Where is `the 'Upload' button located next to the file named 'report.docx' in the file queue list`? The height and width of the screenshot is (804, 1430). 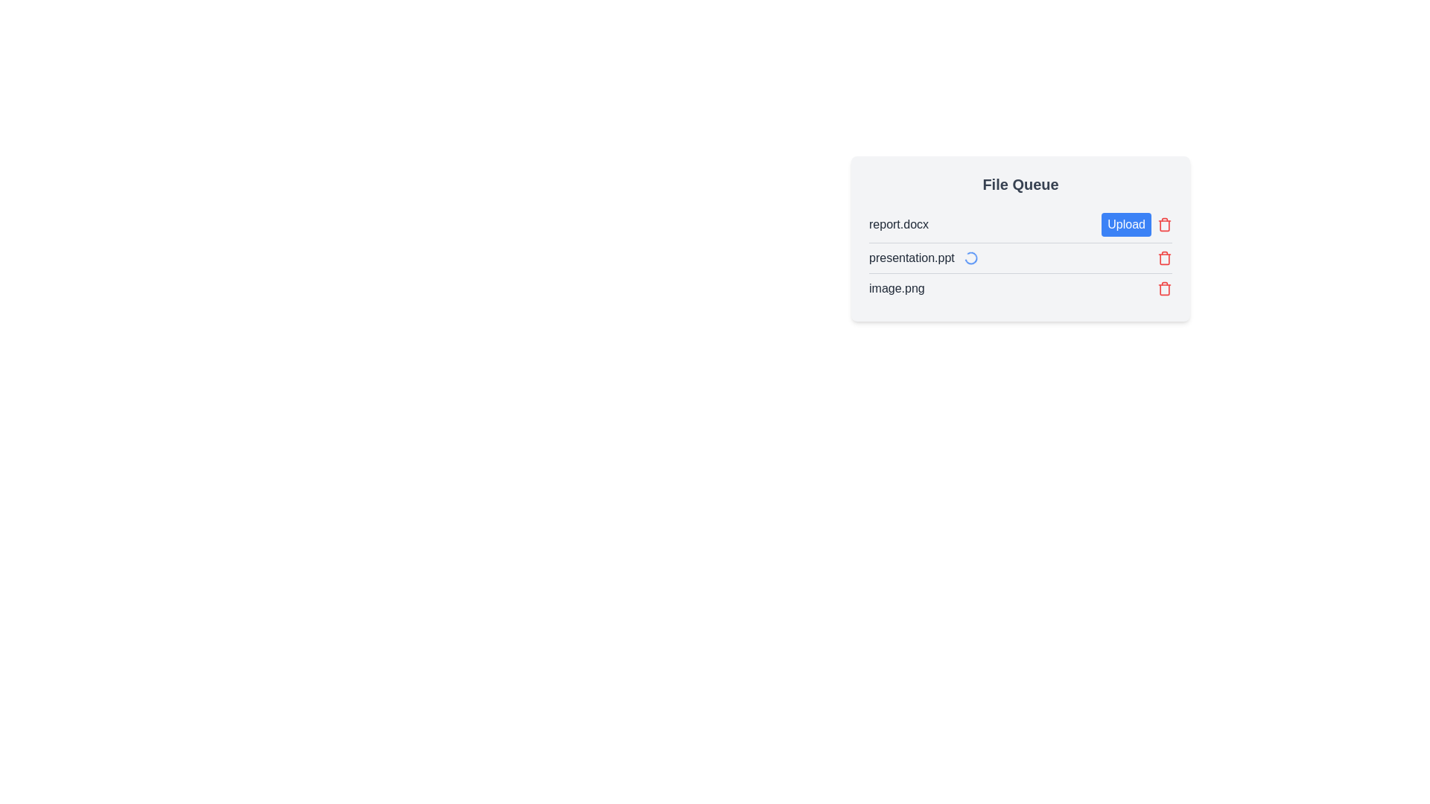
the 'Upload' button located next to the file named 'report.docx' in the file queue list is located at coordinates (1136, 224).